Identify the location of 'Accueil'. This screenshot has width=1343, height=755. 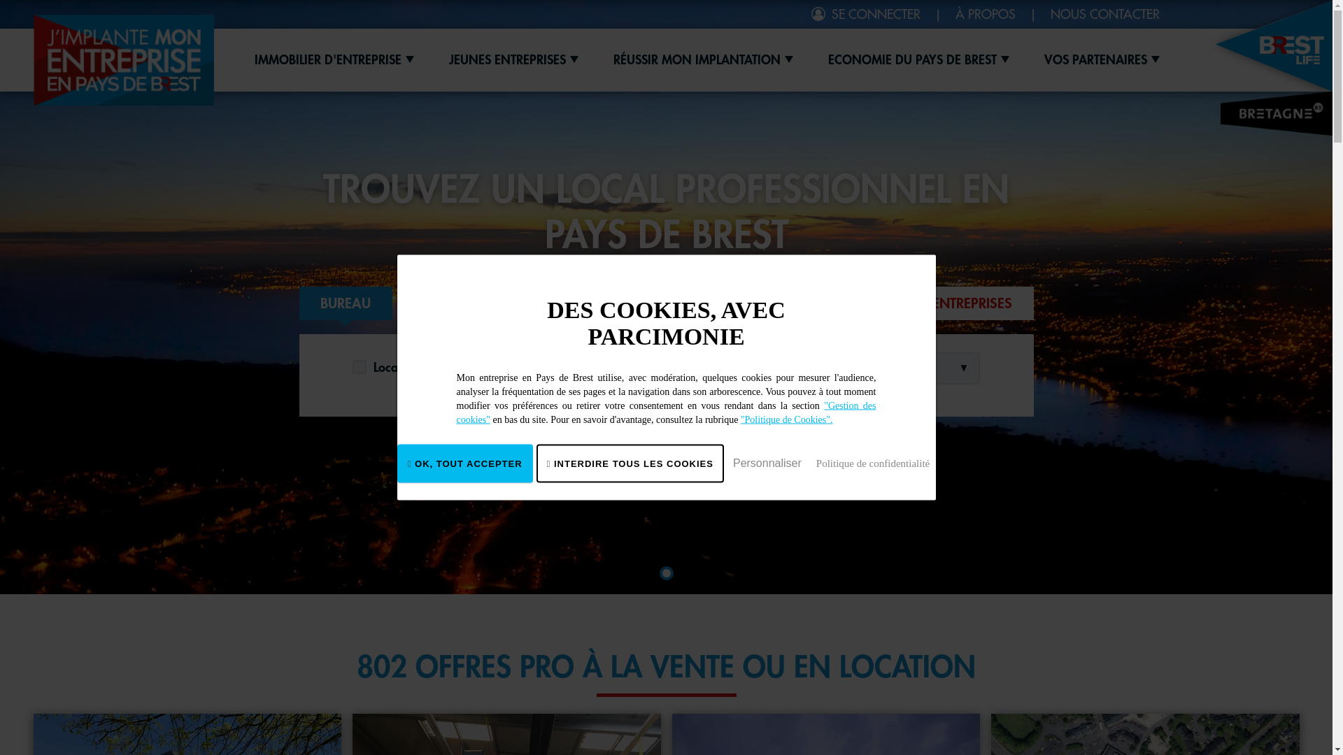
(34, 59).